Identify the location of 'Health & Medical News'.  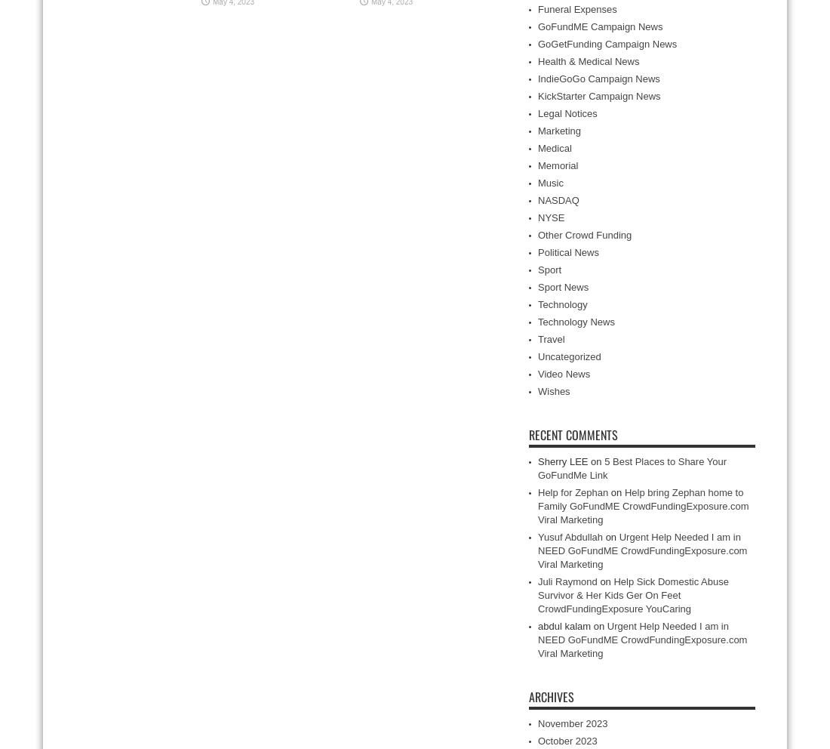
(537, 61).